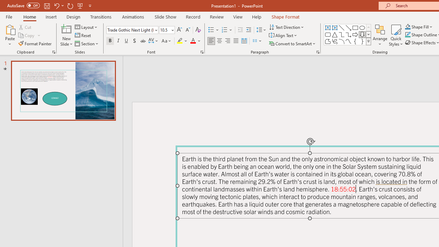  What do you see at coordinates (83, 35) in the screenshot?
I see `'Reset'` at bounding box center [83, 35].